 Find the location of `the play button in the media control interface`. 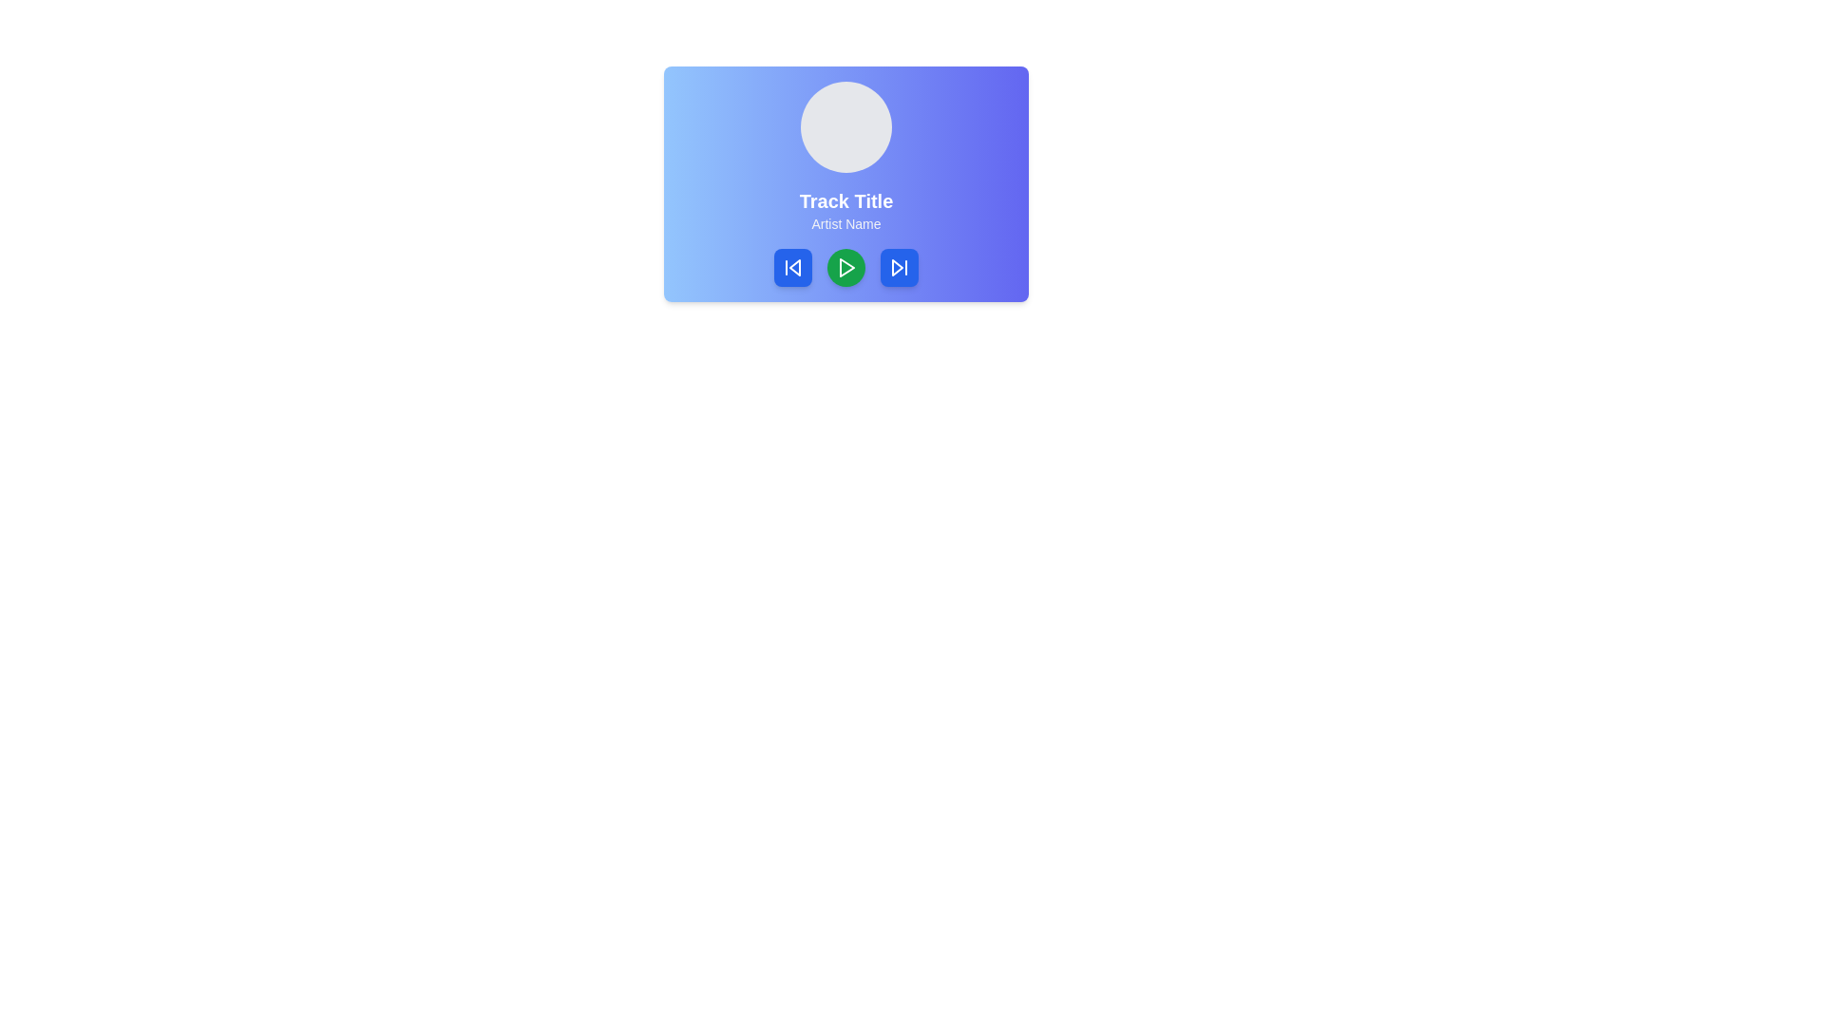

the play button in the media control interface is located at coordinates (845, 267).